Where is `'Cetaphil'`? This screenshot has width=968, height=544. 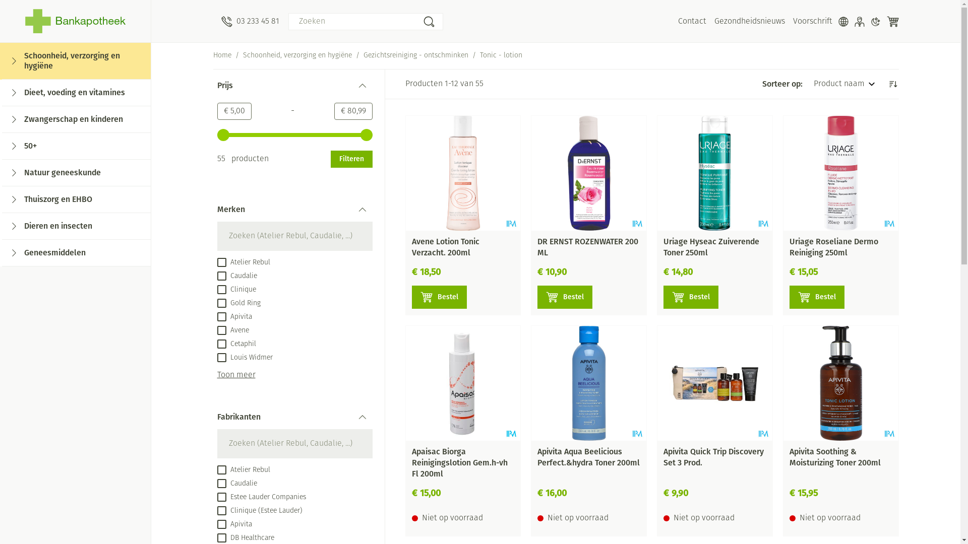 'Cetaphil' is located at coordinates (235, 343).